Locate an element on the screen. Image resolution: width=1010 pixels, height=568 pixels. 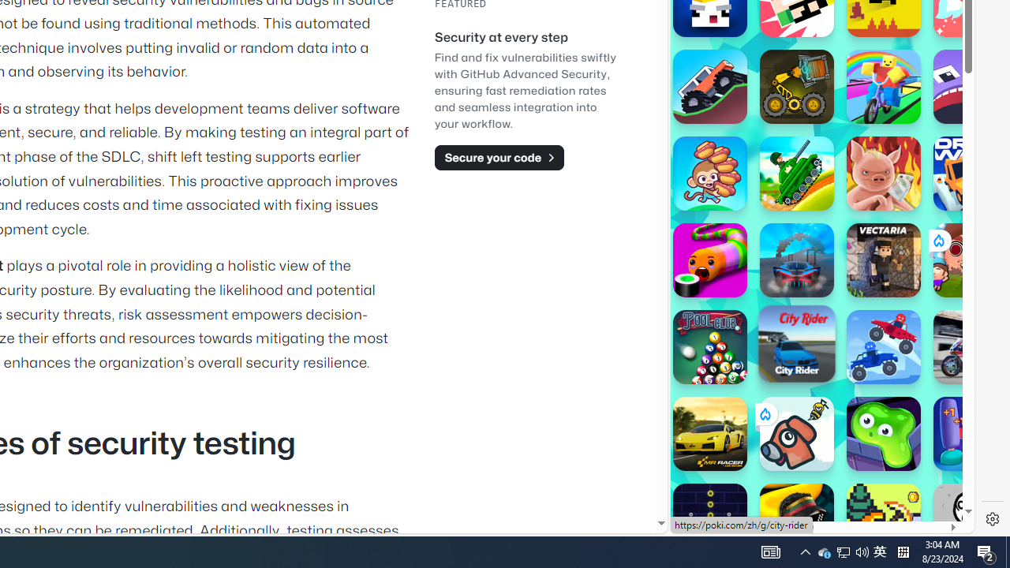
'Pool Club Pool Club' is located at coordinates (709, 346).